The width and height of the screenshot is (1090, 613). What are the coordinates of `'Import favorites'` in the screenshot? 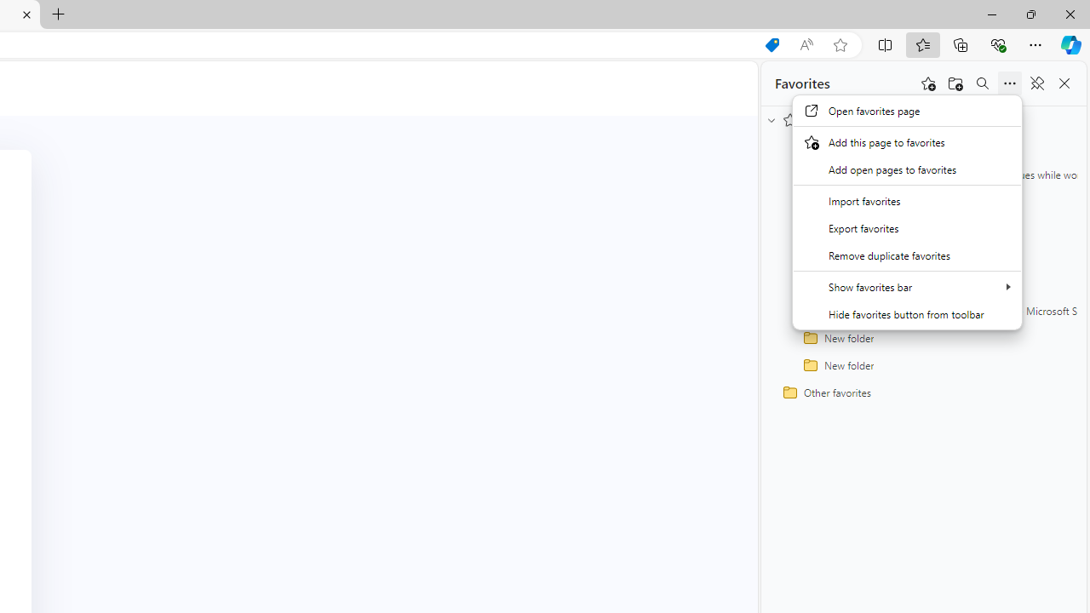 It's located at (906, 200).